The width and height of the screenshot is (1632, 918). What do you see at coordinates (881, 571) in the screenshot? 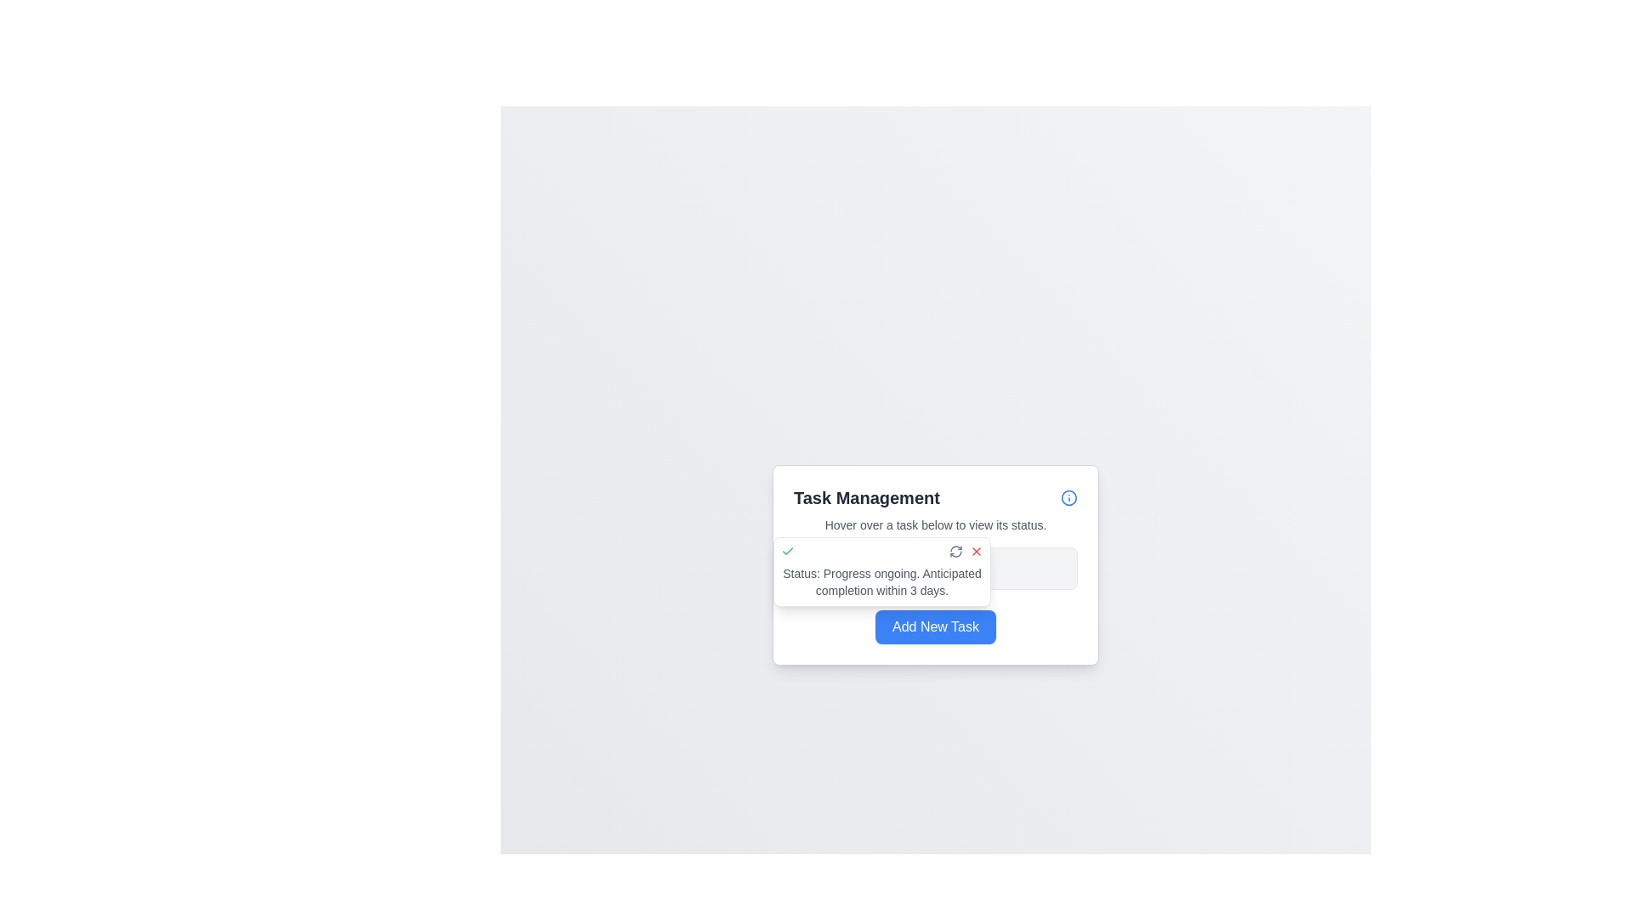
I see `status information from the Information Card displaying 'Status: Progress ongoing. Anticipated completion within 3 days.'` at bounding box center [881, 571].